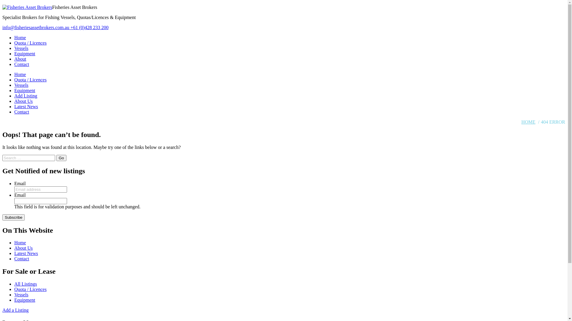 The width and height of the screenshot is (572, 321). Describe the element at coordinates (2, 4) in the screenshot. I see `'Skip to content'` at that location.